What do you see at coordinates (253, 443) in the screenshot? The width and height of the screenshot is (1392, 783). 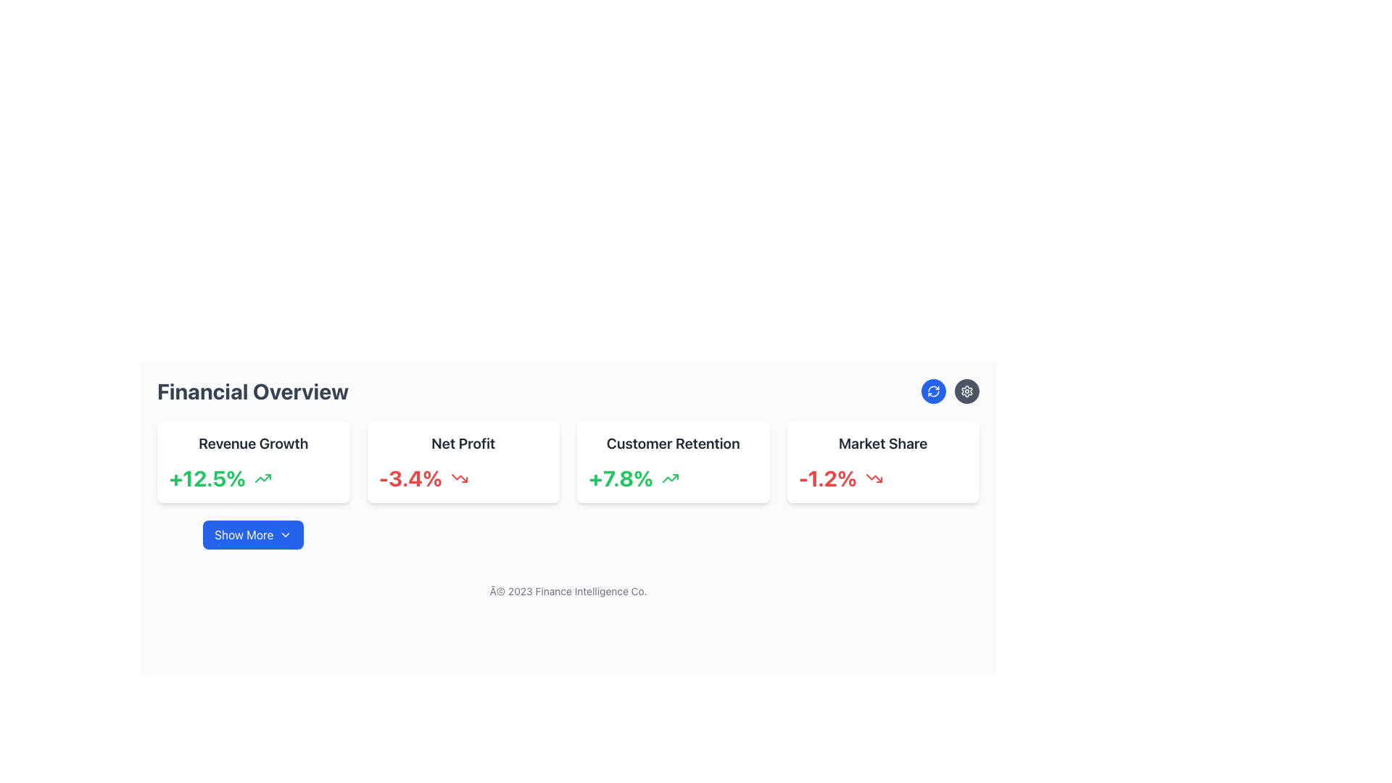 I see `the 'Revenue Growth' static text label located at the top-center of the first card in the 'Financial Overview' section` at bounding box center [253, 443].